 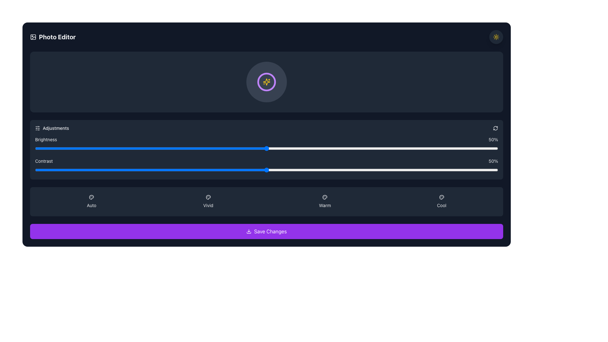 What do you see at coordinates (262, 169) in the screenshot?
I see `the value of the slider` at bounding box center [262, 169].